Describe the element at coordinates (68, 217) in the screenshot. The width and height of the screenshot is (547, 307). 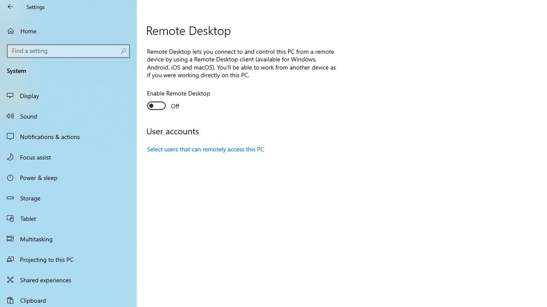
I see `'Tablet'` at that location.